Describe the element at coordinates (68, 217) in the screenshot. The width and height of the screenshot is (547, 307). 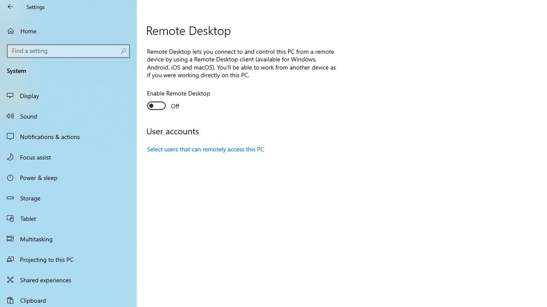
I see `'Tablet'` at that location.